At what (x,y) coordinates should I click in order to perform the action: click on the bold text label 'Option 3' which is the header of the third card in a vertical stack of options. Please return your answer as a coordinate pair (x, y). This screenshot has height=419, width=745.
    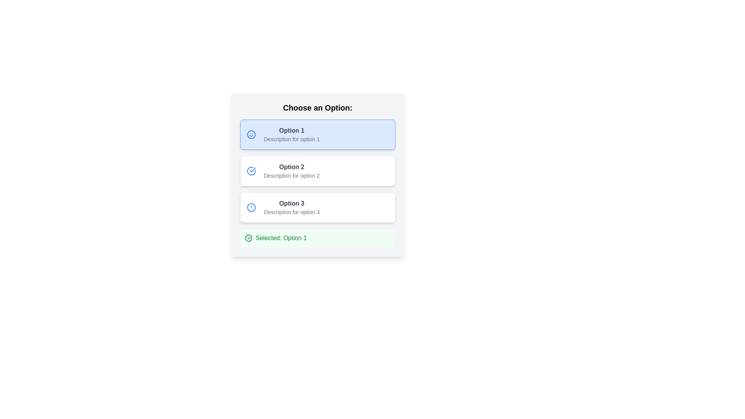
    Looking at the image, I should click on (291, 203).